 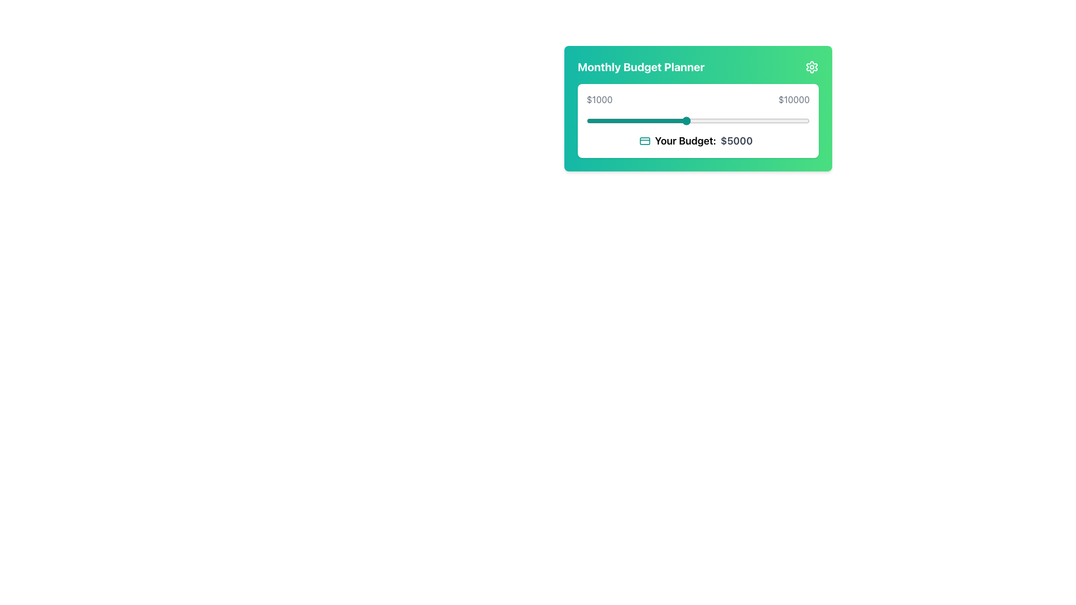 I want to click on the budget, so click(x=653, y=121).